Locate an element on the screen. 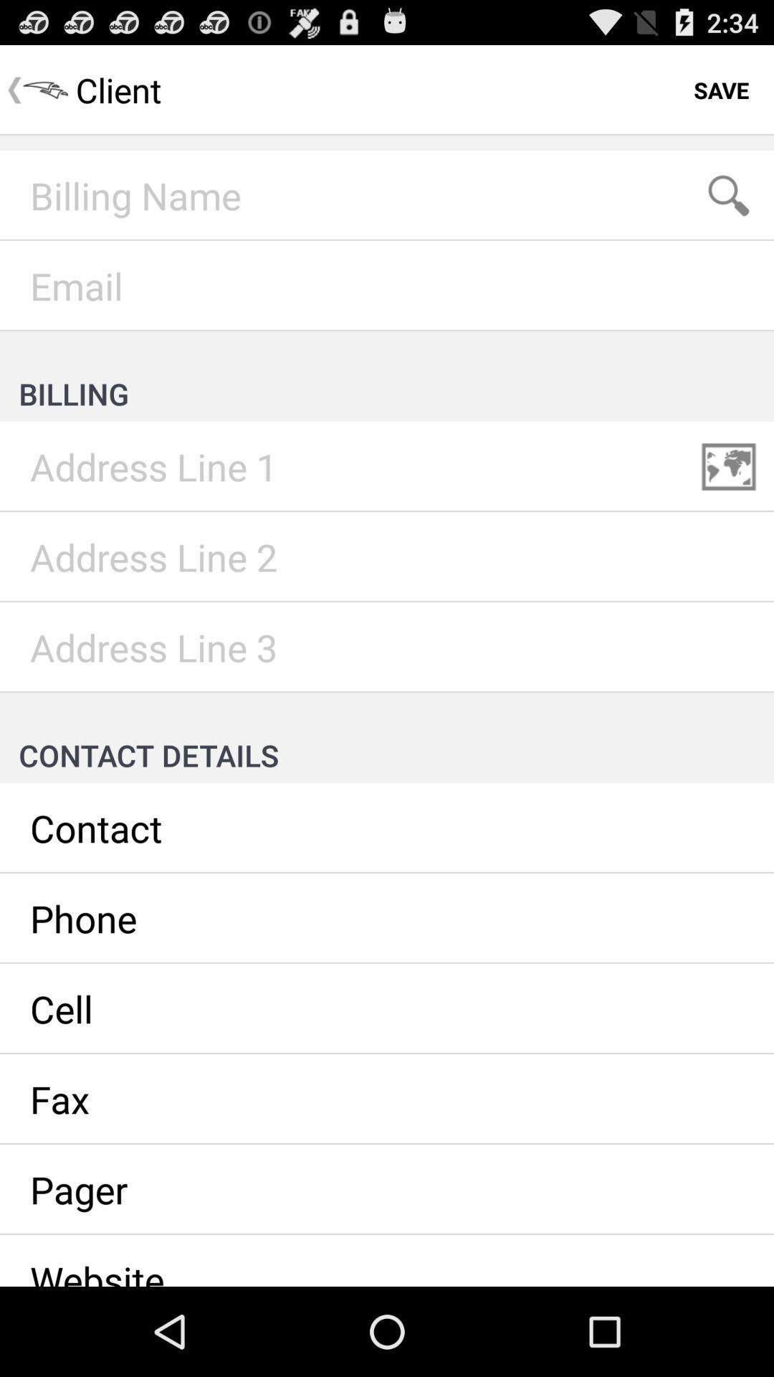 The width and height of the screenshot is (774, 1377). edit contact is located at coordinates (387, 828).